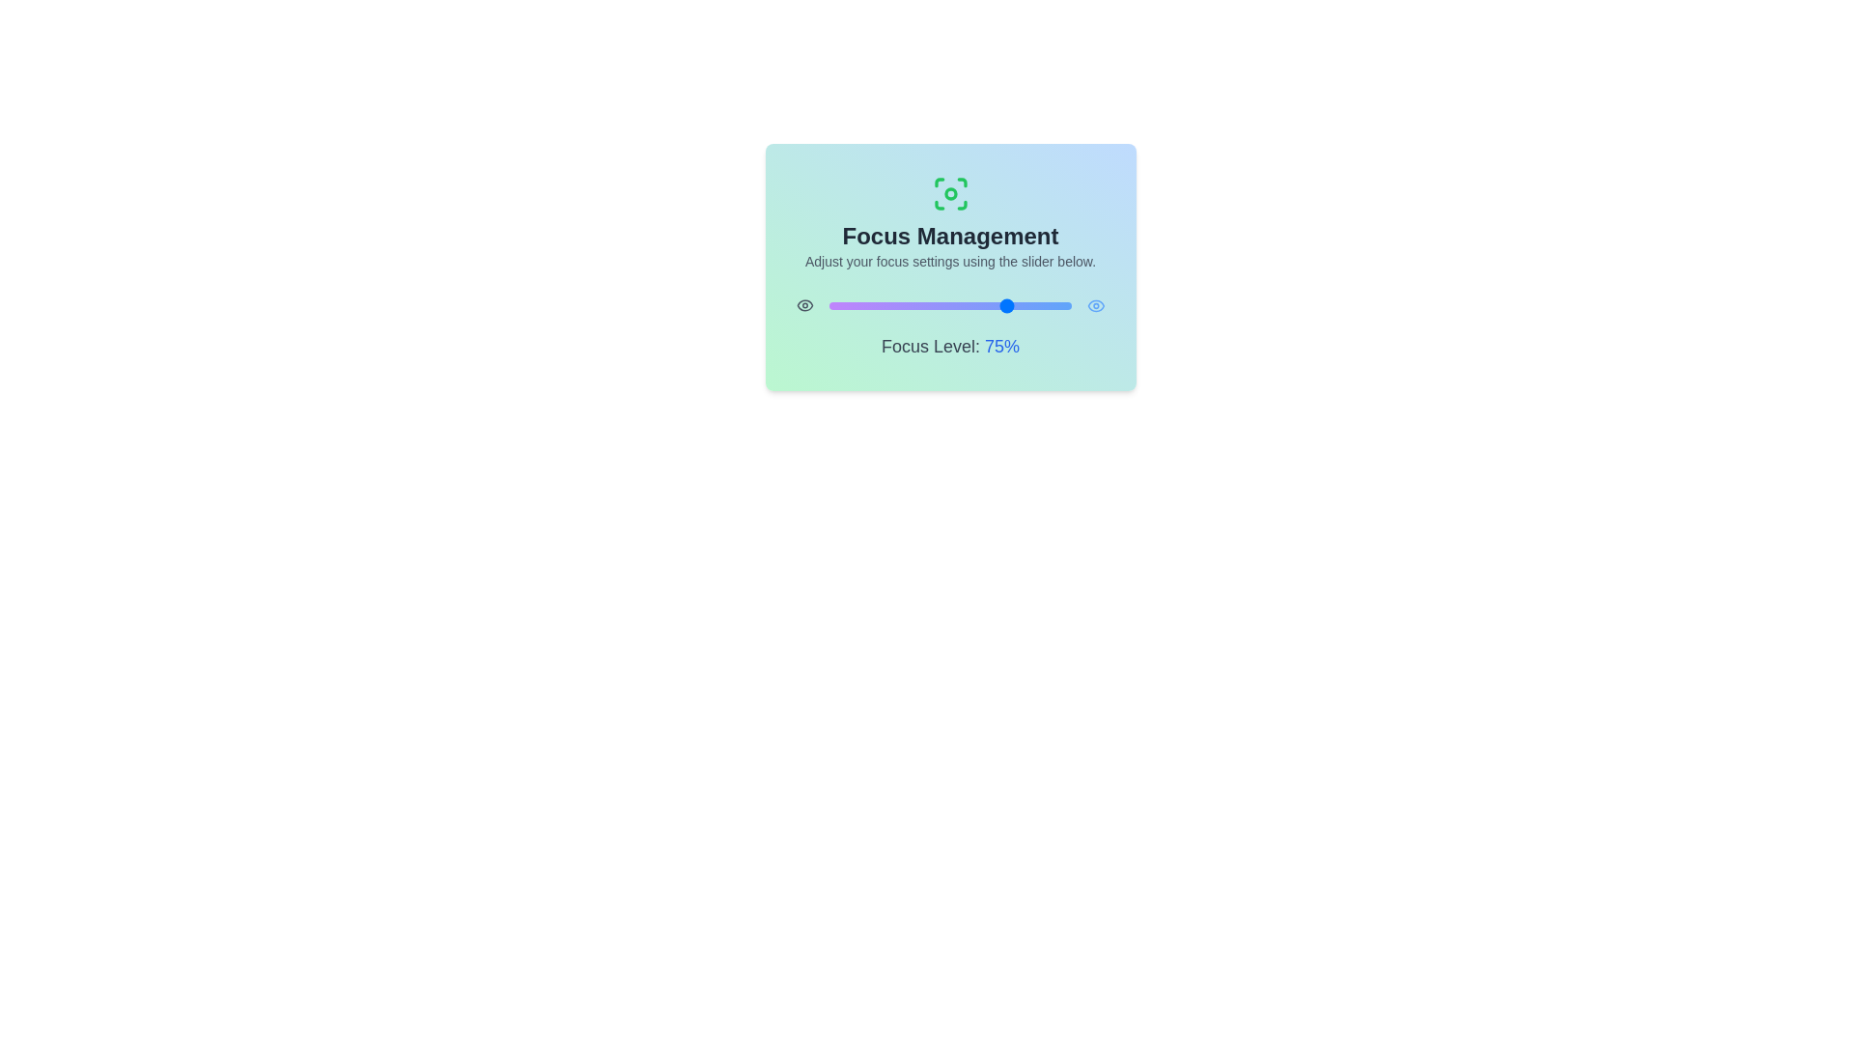  What do you see at coordinates (1058, 304) in the screenshot?
I see `the focus level to 95% using the slider` at bounding box center [1058, 304].